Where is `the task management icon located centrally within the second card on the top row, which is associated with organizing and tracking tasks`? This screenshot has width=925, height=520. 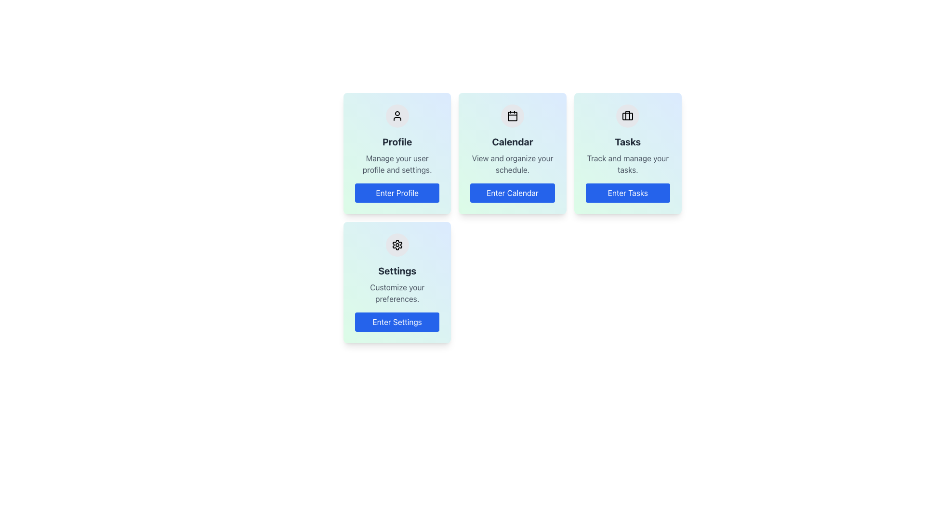 the task management icon located centrally within the second card on the top row, which is associated with organizing and tracking tasks is located at coordinates (628, 115).